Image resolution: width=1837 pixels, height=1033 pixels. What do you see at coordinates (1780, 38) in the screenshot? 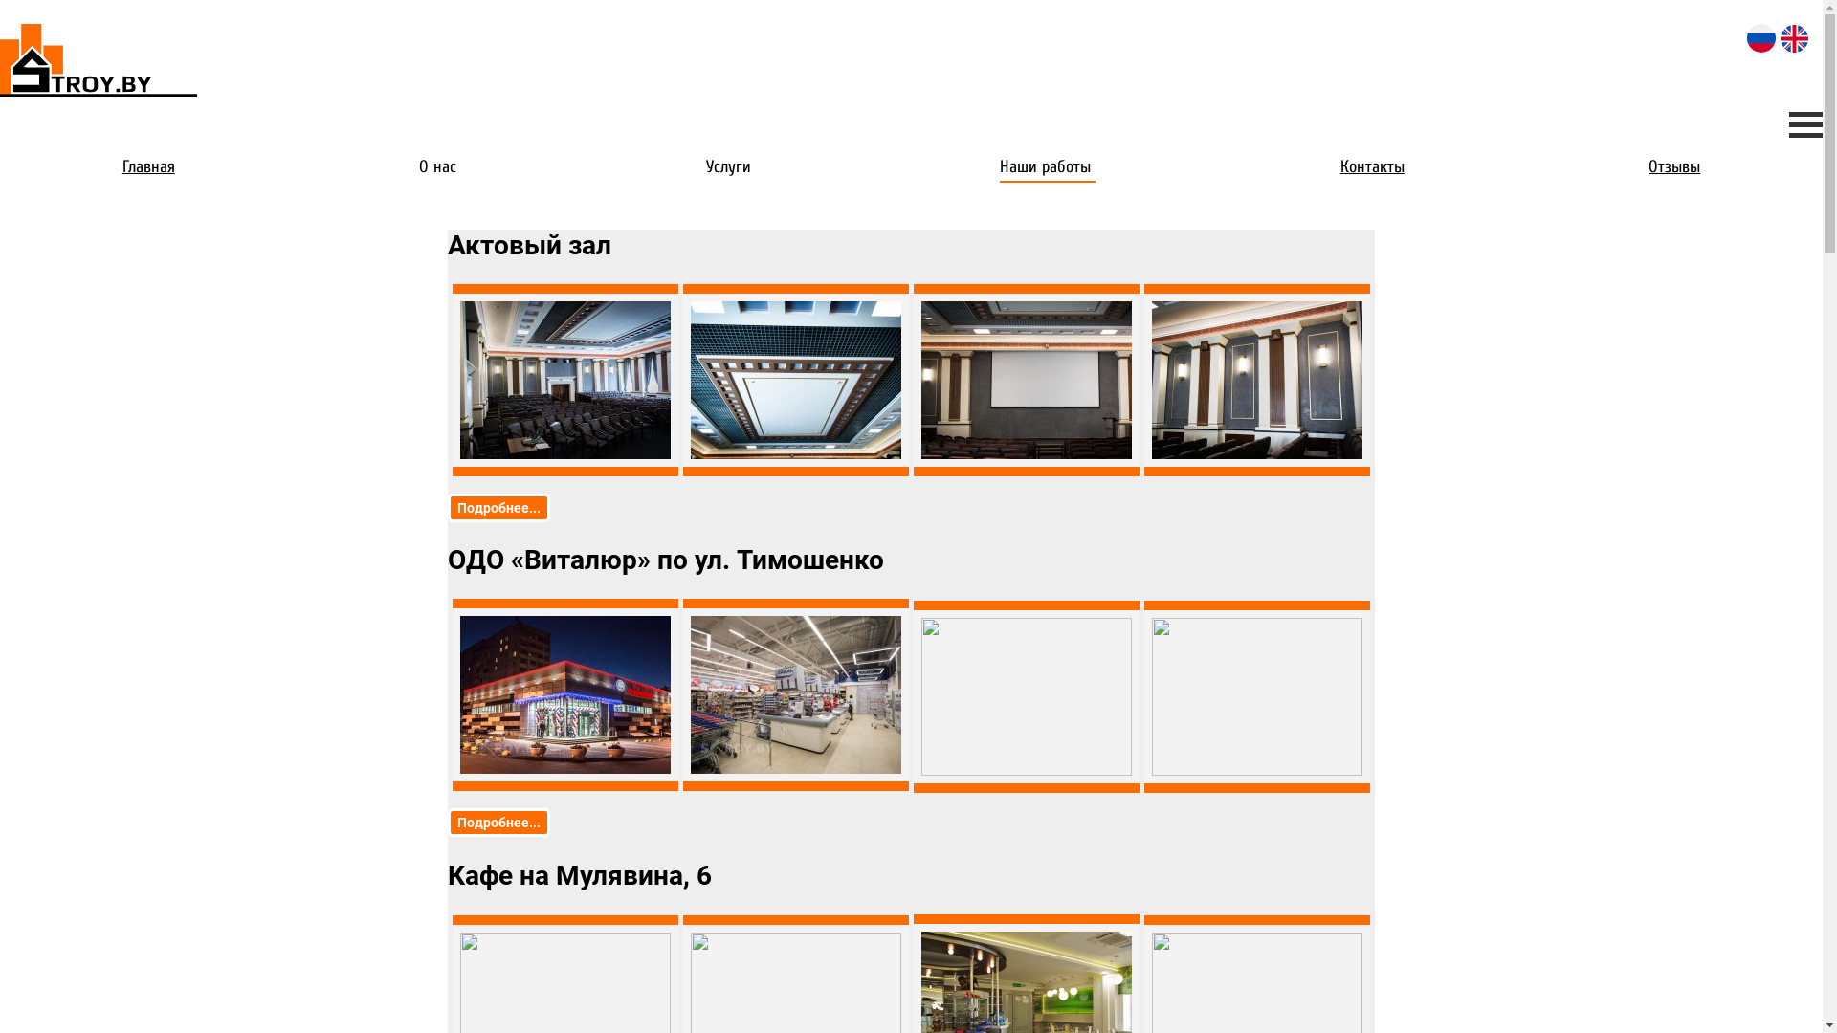
I see `'English (UK)'` at bounding box center [1780, 38].